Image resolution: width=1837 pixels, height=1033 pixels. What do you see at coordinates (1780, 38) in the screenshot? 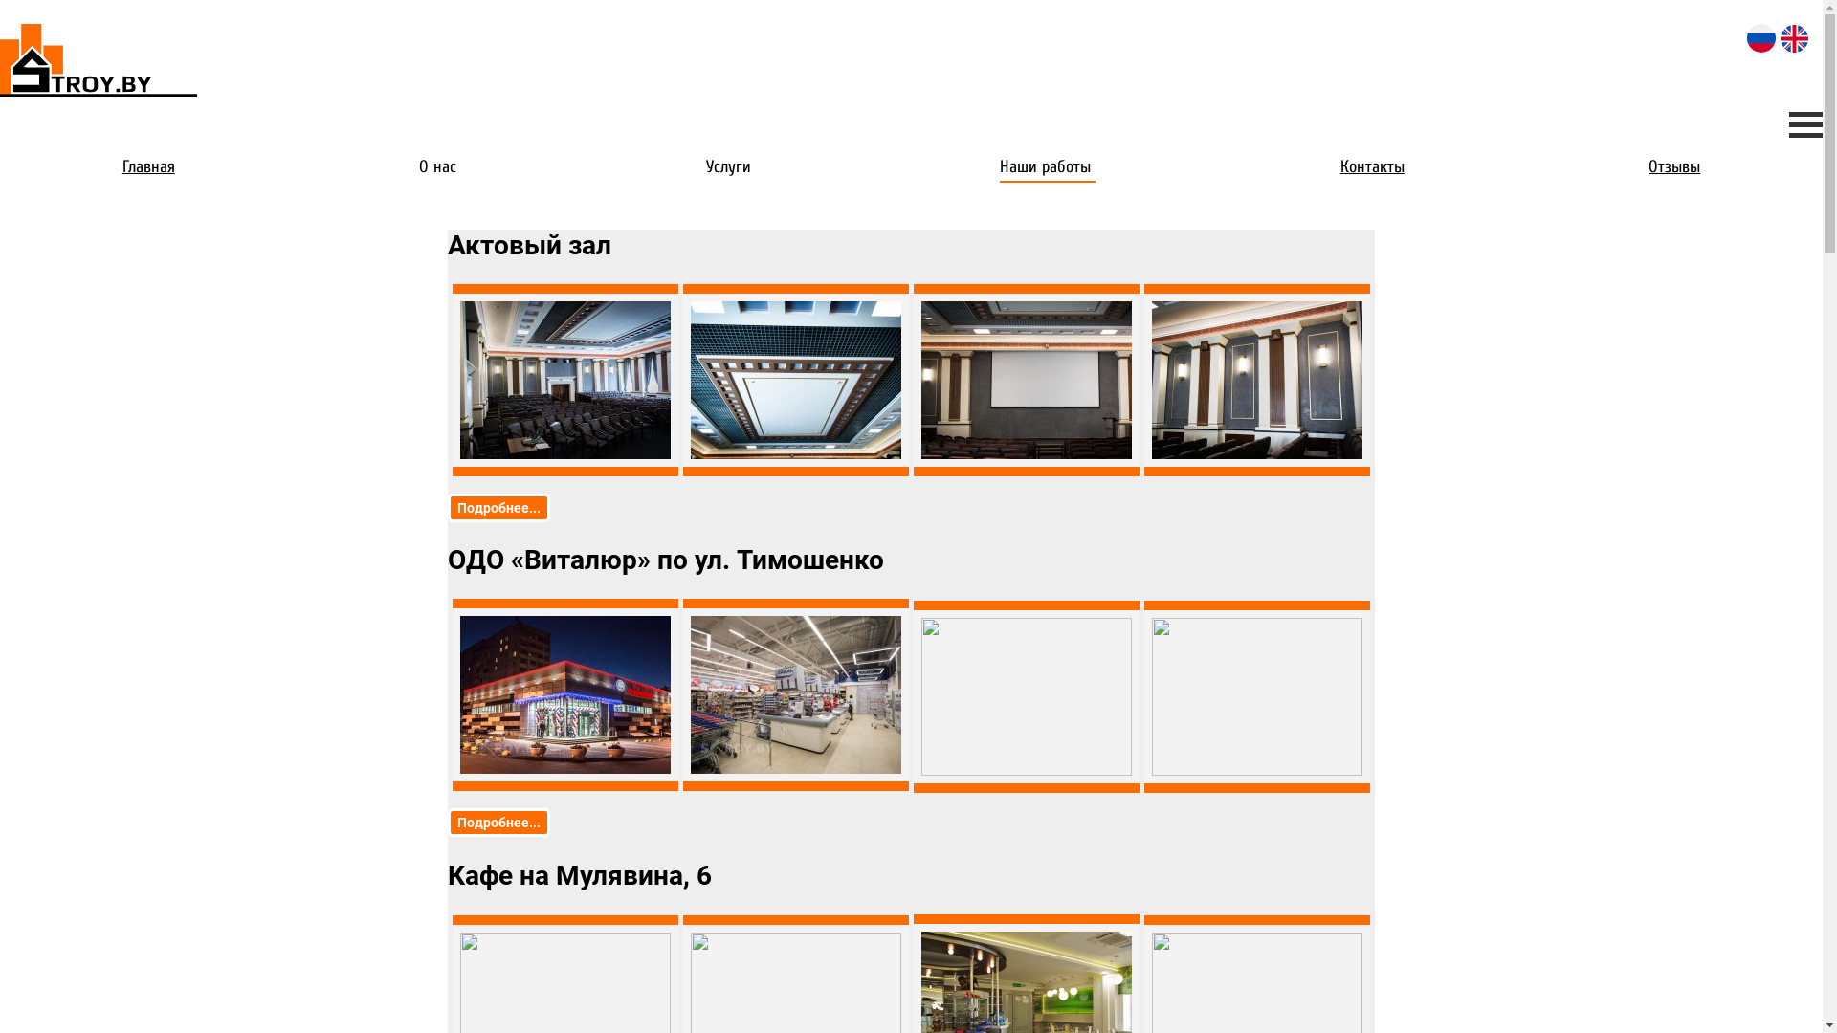
I see `'English (UK)'` at bounding box center [1780, 38].